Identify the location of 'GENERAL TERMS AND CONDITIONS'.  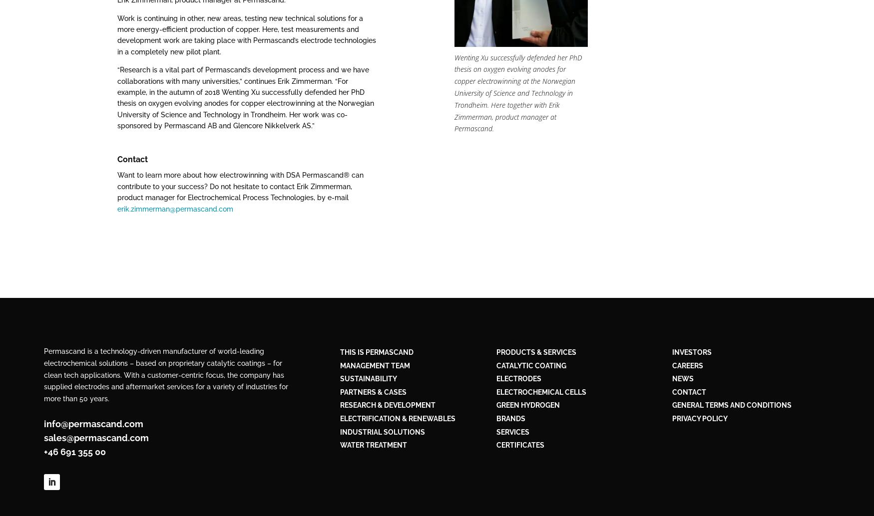
(731, 405).